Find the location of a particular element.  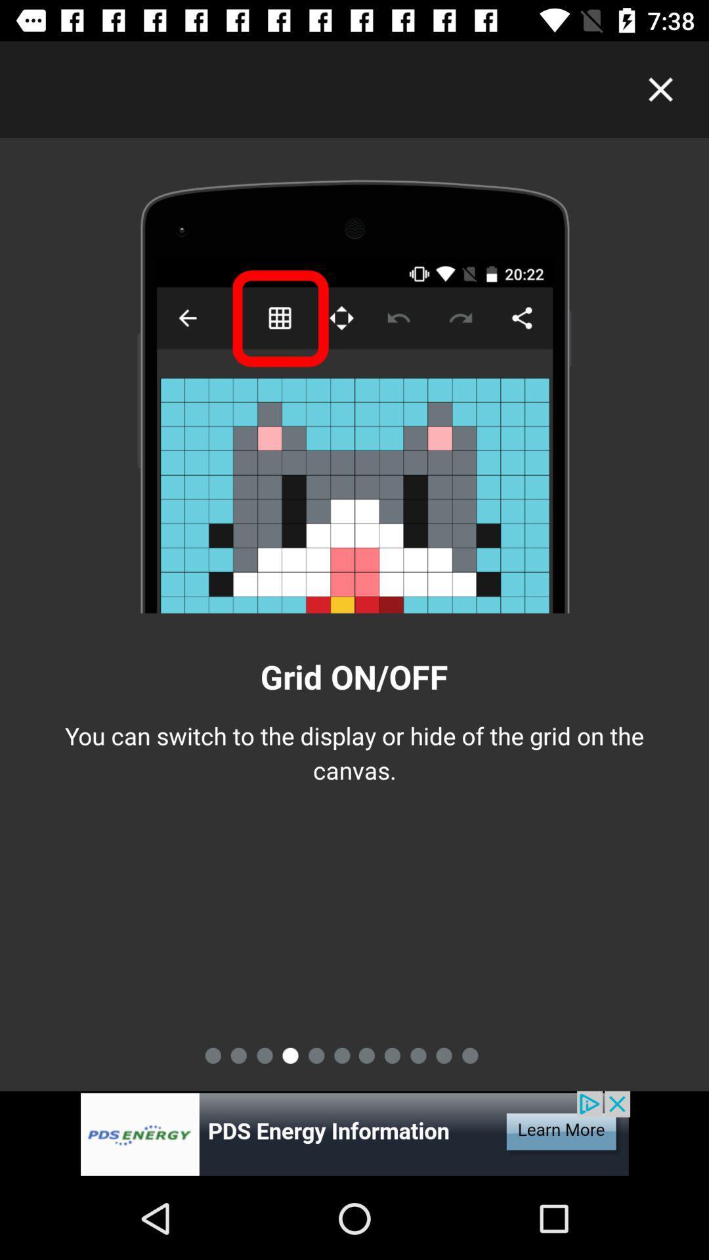

button is located at coordinates (660, 89).